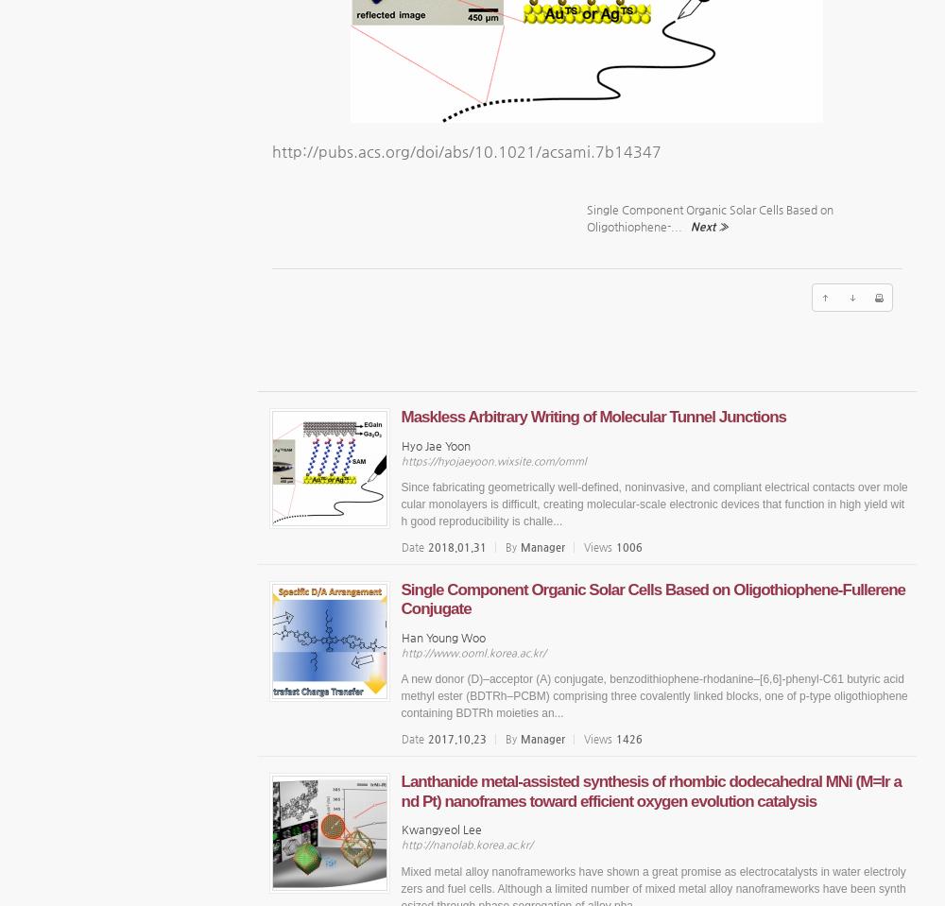 This screenshot has height=906, width=945. What do you see at coordinates (652, 599) in the screenshot?
I see `'Single Component Organic Solar Cells Based on Oligothiophene-Fullerene Conjugate'` at bounding box center [652, 599].